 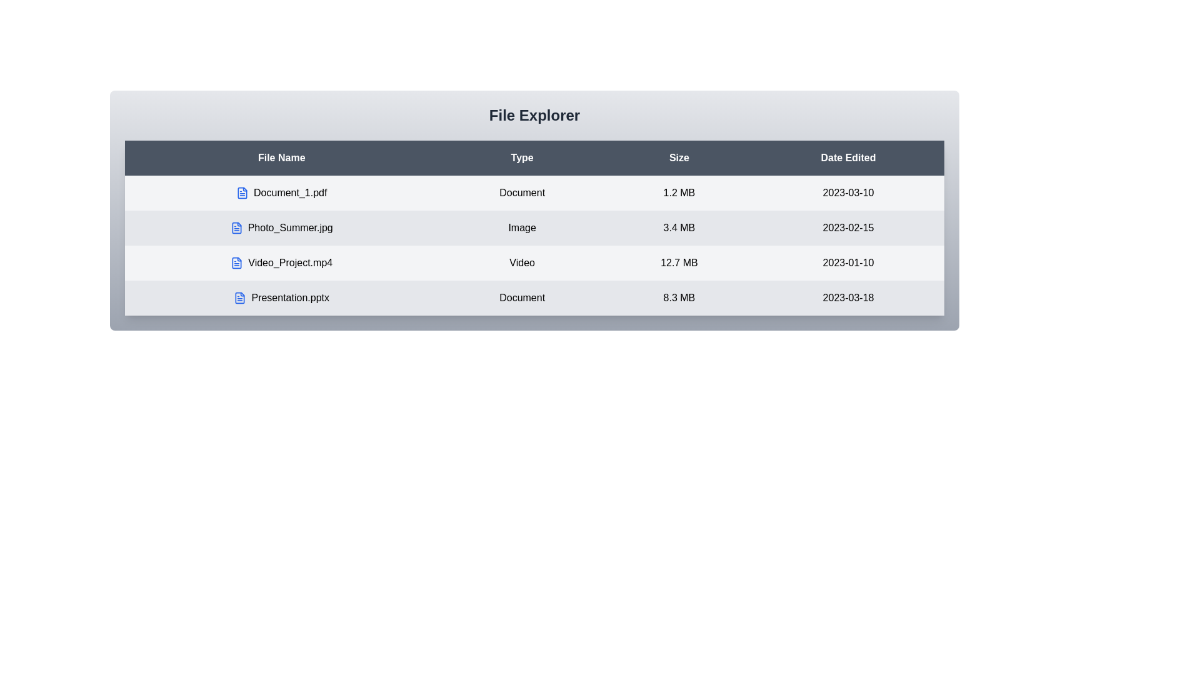 I want to click on the file row corresponding to Document_1.pdf to inspect its details, so click(x=281, y=192).